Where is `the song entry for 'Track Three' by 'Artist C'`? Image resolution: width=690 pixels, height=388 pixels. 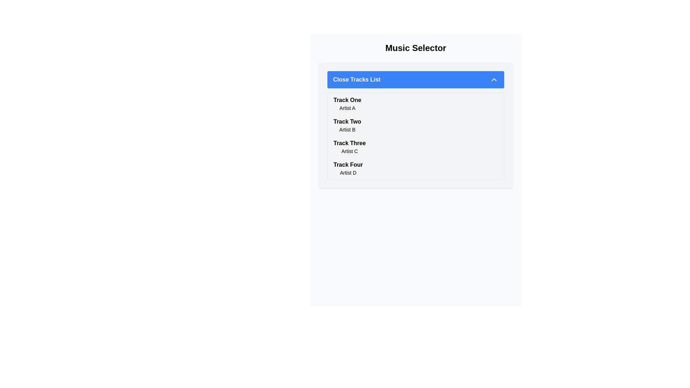 the song entry for 'Track Three' by 'Artist C' is located at coordinates (415, 146).